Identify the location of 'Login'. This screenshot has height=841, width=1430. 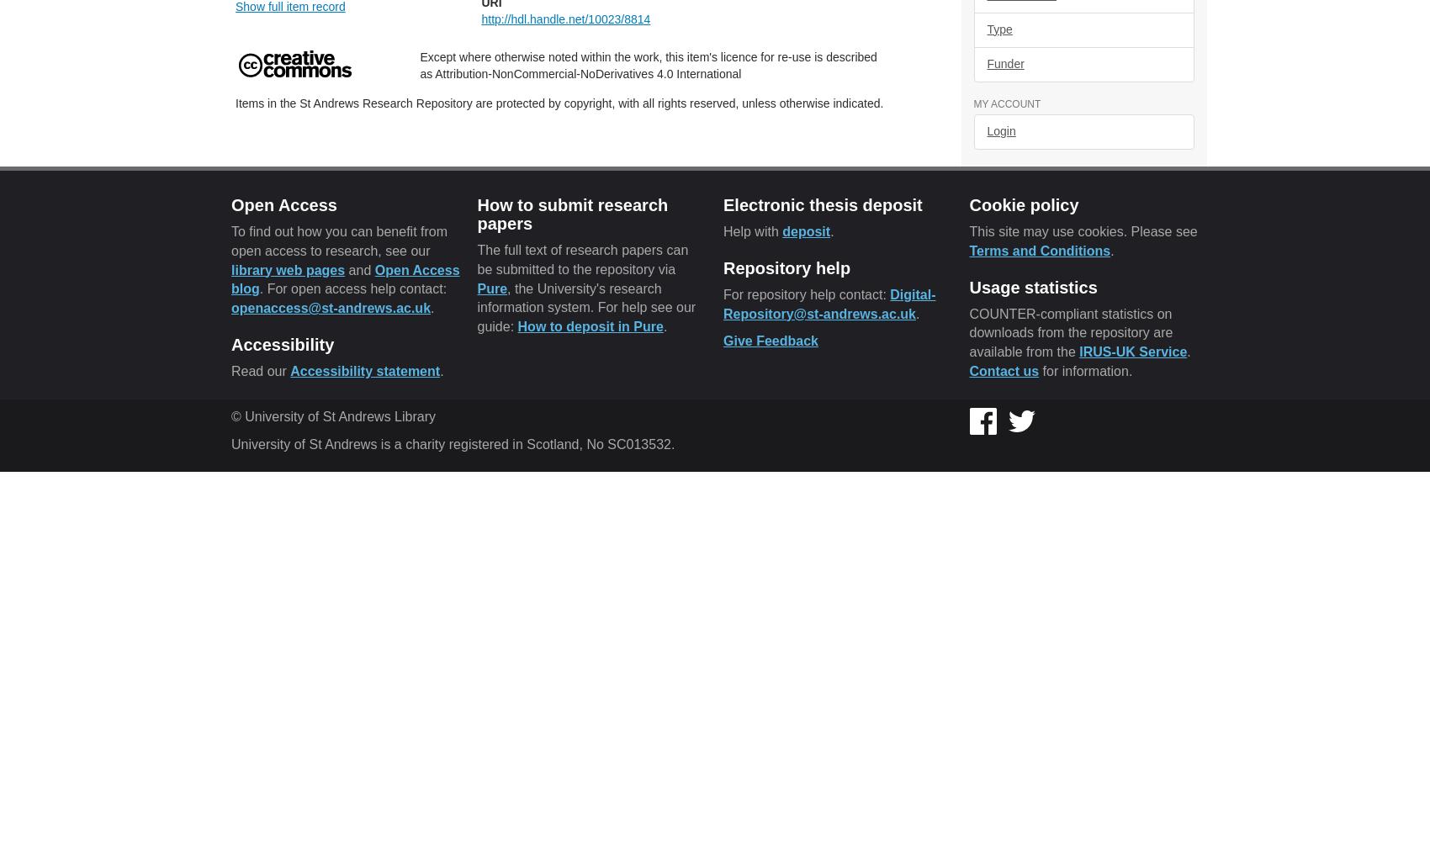
(1000, 130).